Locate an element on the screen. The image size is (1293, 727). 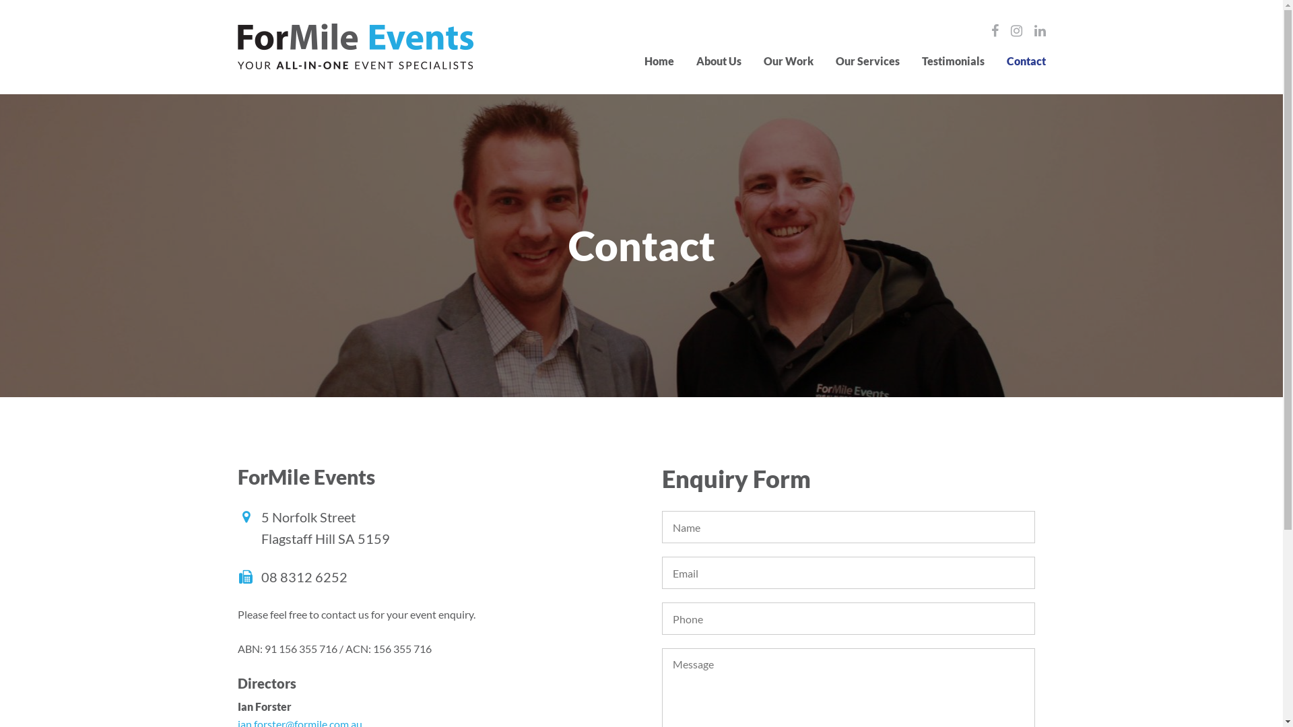
'Our Work' is located at coordinates (763, 61).